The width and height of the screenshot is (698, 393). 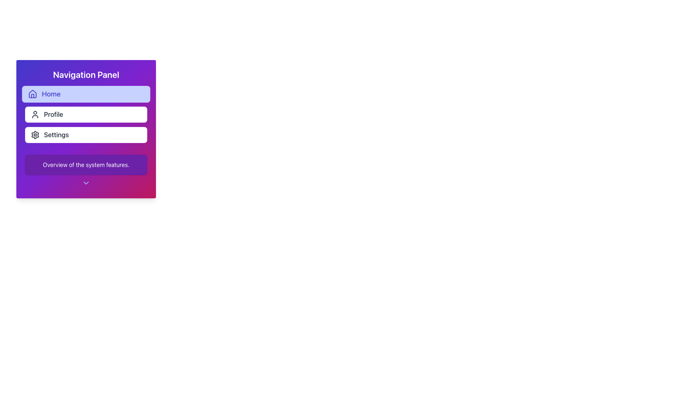 I want to click on the 'Profile' menu item located in the vertical navigation panel, which is the second item between 'Home' and 'Settings', so click(x=86, y=115).